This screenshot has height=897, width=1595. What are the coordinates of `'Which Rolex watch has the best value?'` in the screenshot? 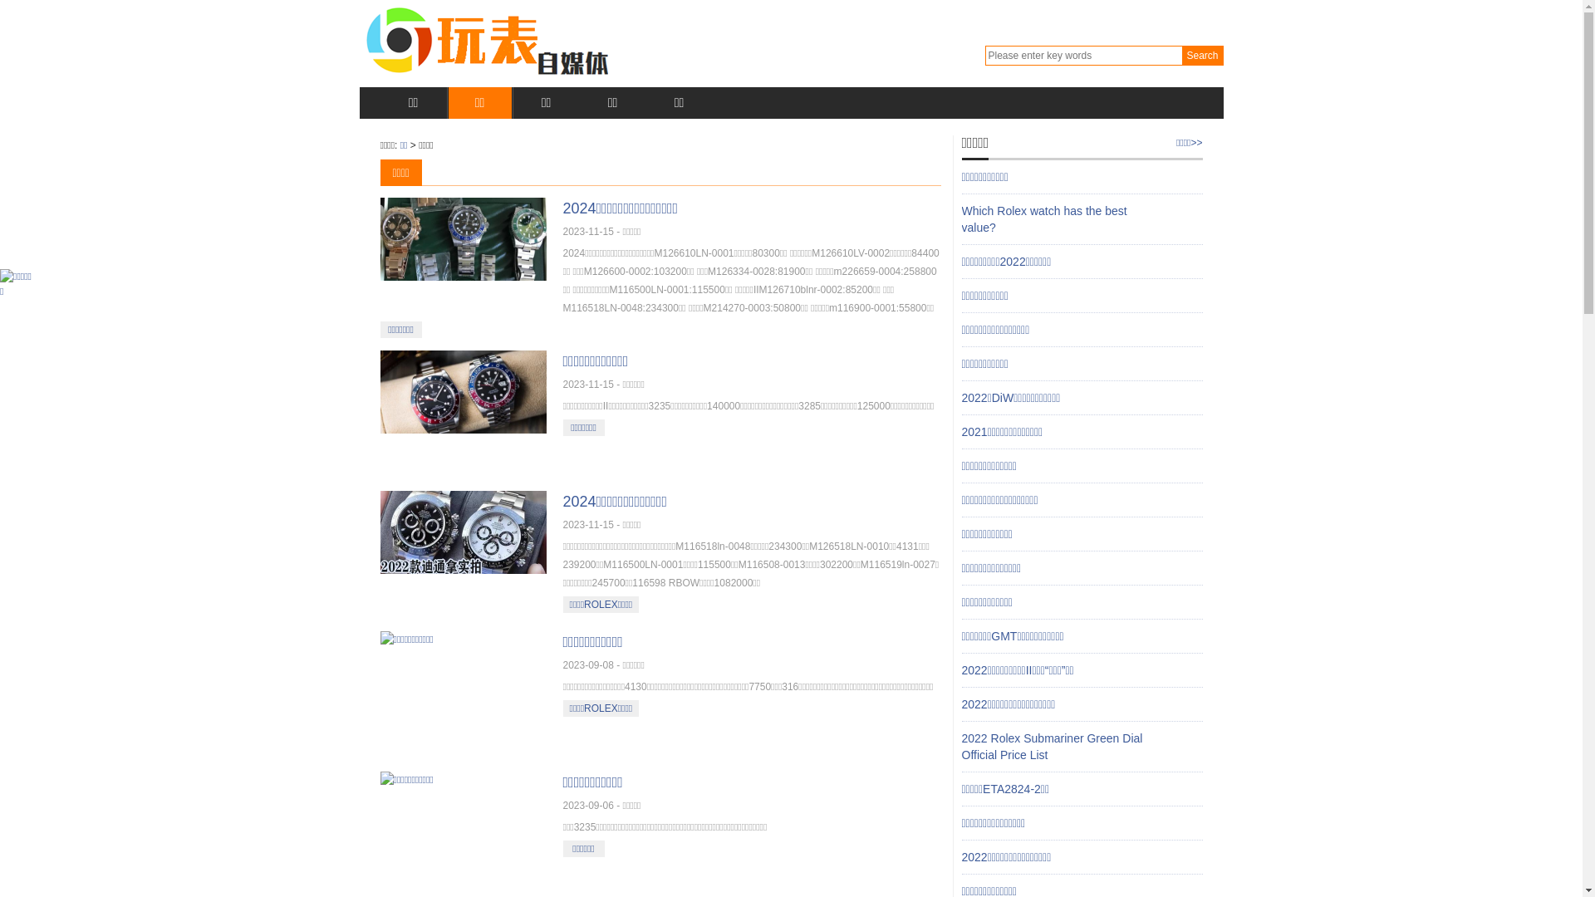 It's located at (961, 218).